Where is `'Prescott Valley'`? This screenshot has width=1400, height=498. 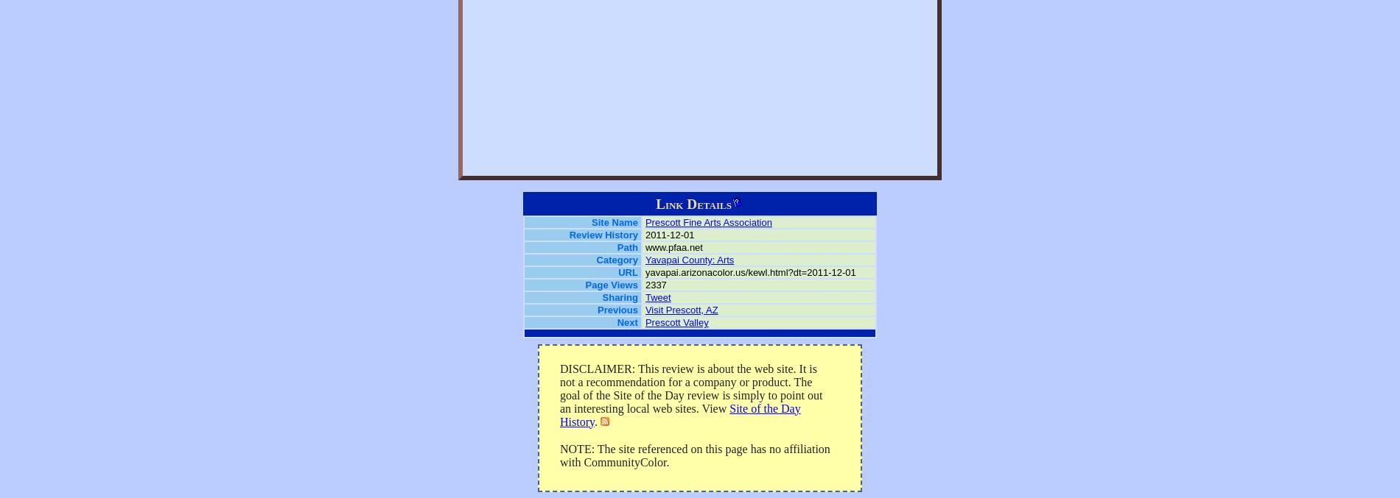
'Prescott Valley' is located at coordinates (676, 321).